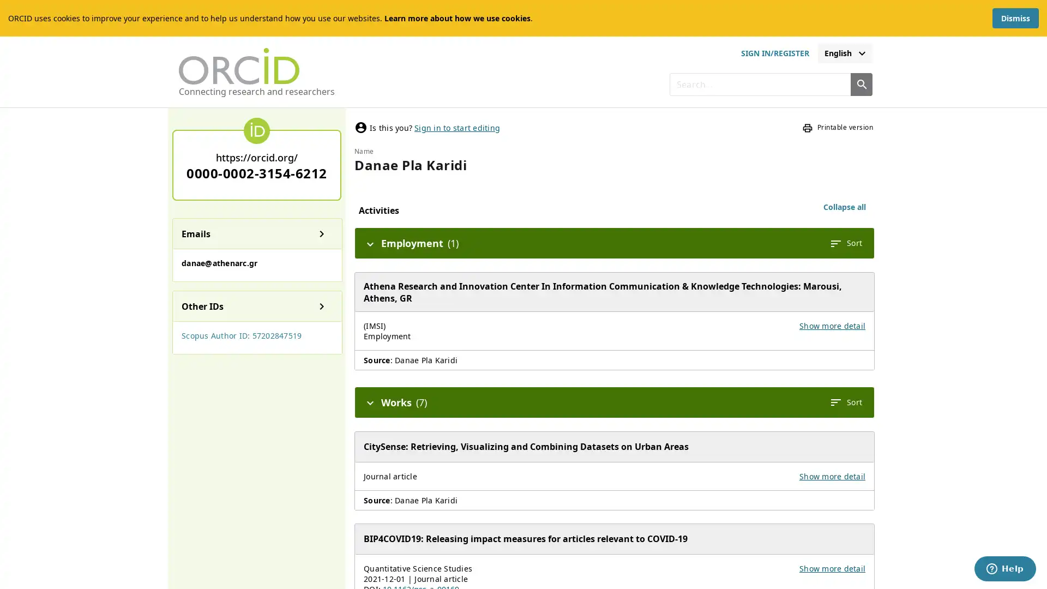 The image size is (1047, 589). Describe the element at coordinates (321, 305) in the screenshot. I see `Show details` at that location.